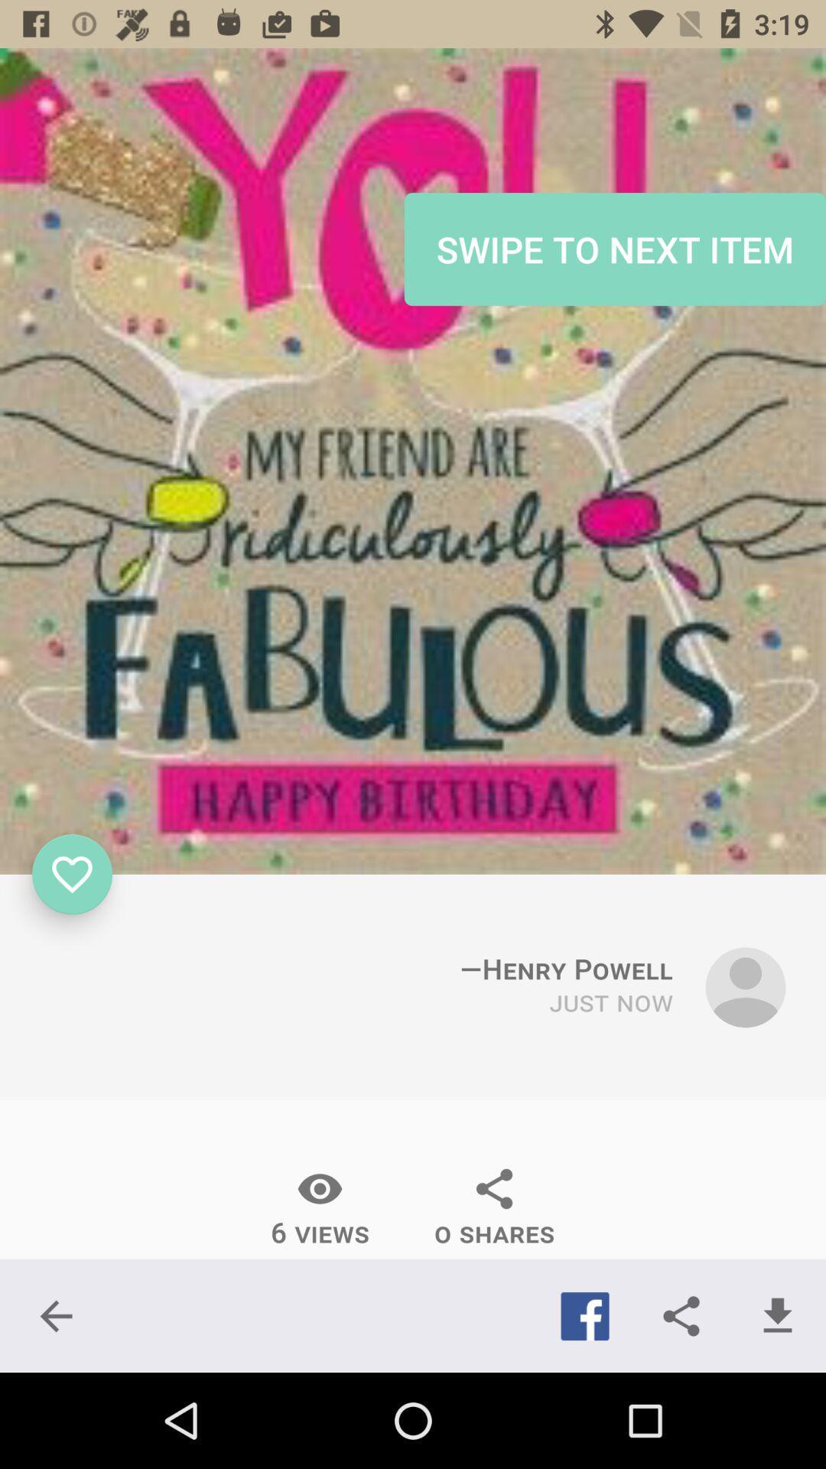 The width and height of the screenshot is (826, 1469). I want to click on the icon along with the text 6 views, so click(320, 1207).